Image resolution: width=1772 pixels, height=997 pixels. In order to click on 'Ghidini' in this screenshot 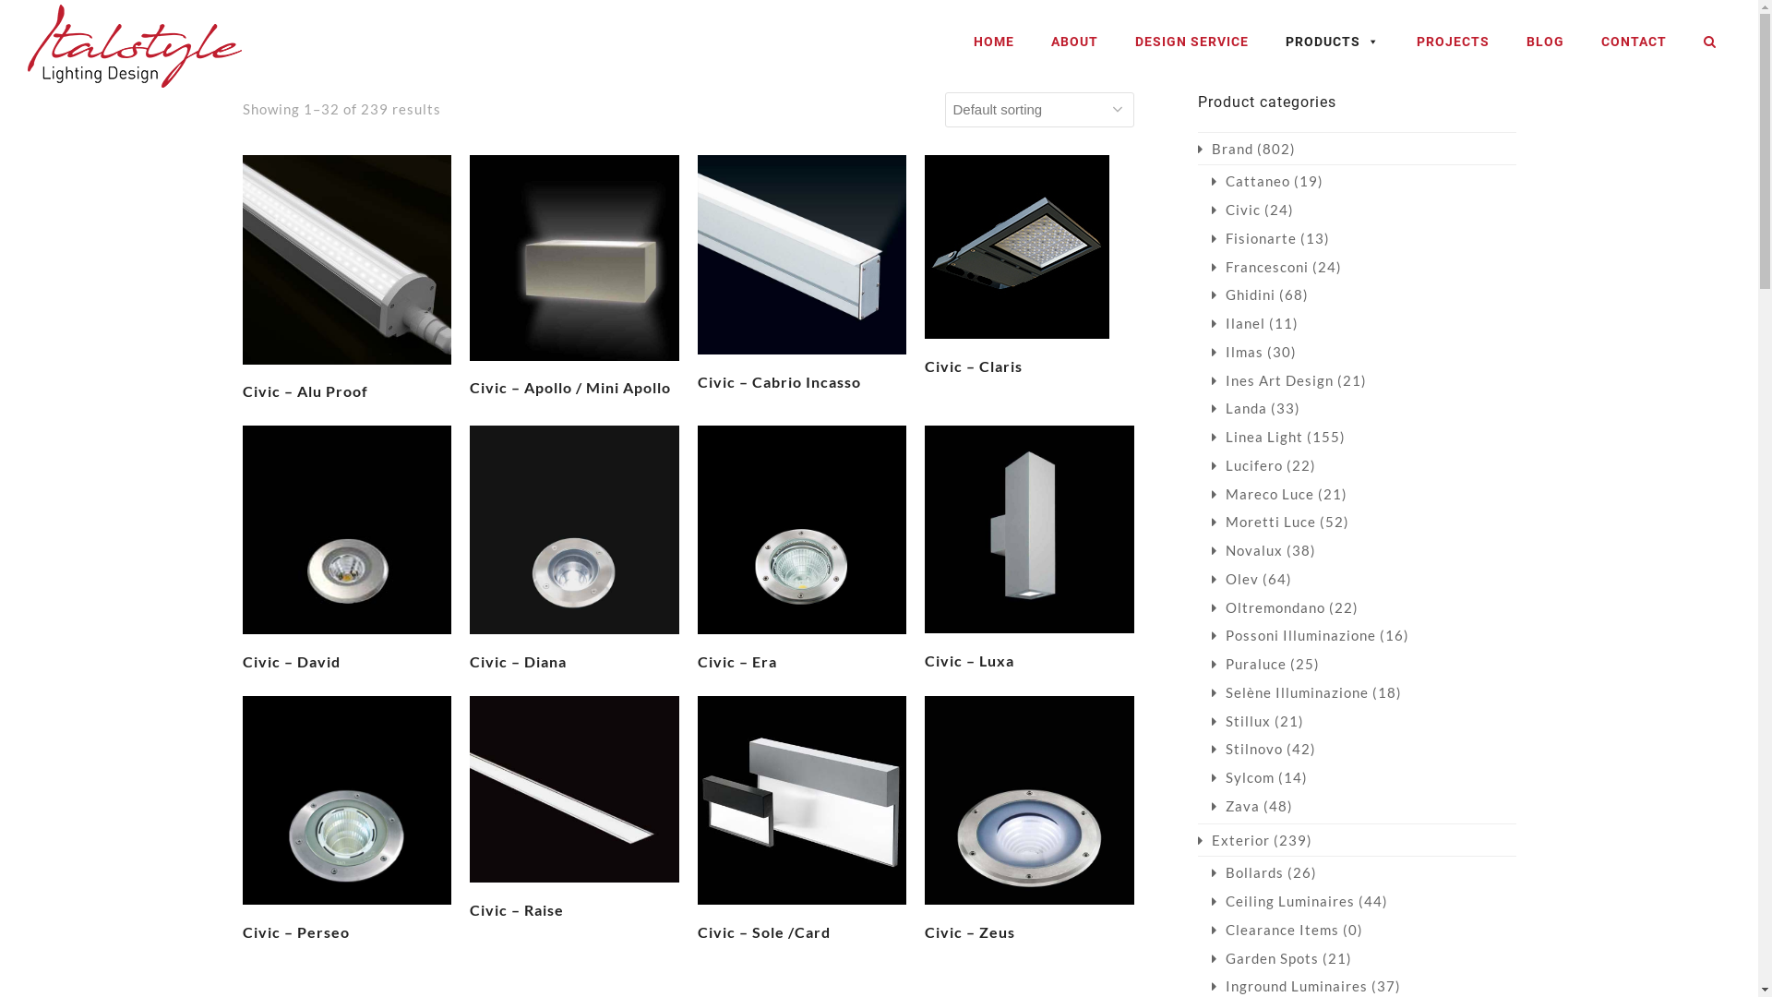, I will do `click(1210, 294)`.